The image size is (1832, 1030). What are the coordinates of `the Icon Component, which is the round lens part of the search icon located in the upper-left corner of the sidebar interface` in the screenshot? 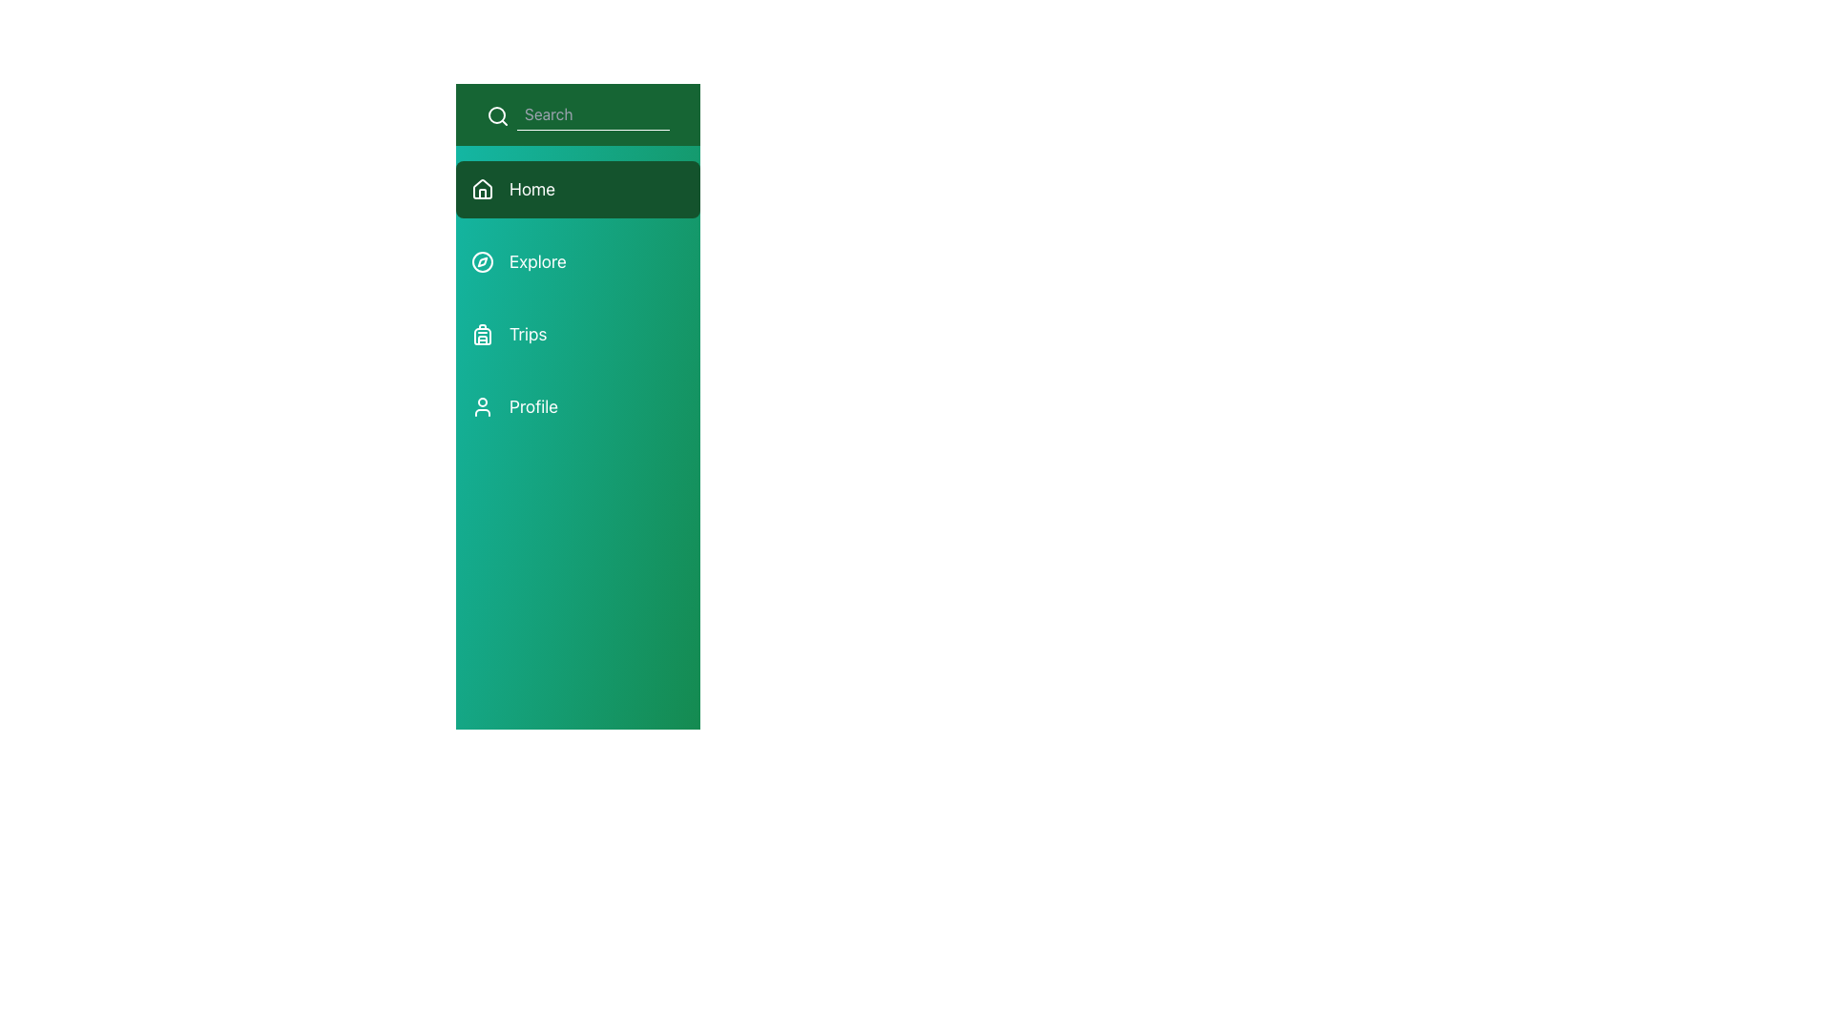 It's located at (497, 113).